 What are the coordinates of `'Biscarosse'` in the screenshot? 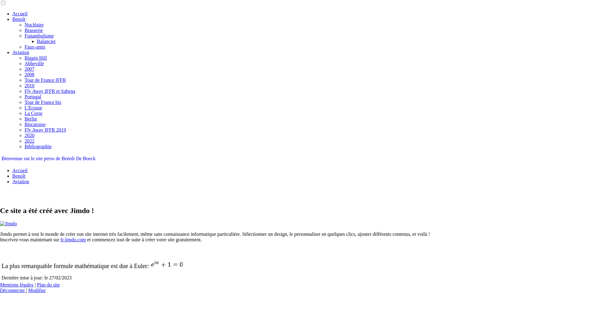 It's located at (35, 124).